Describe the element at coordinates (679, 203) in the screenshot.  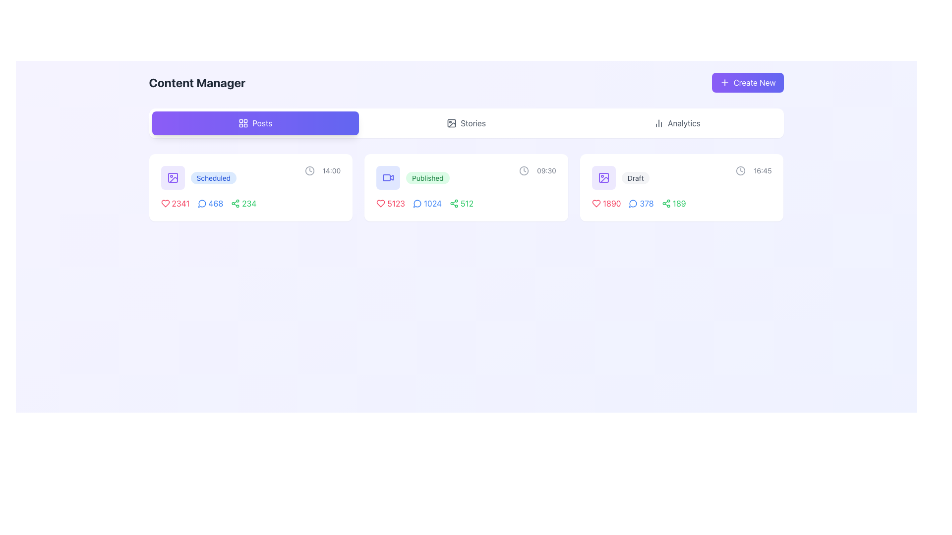
I see `the static text displaying the numerical statistic for shares, which is located in the 'Draft' card in the third column, to the right of the green share icon` at that location.